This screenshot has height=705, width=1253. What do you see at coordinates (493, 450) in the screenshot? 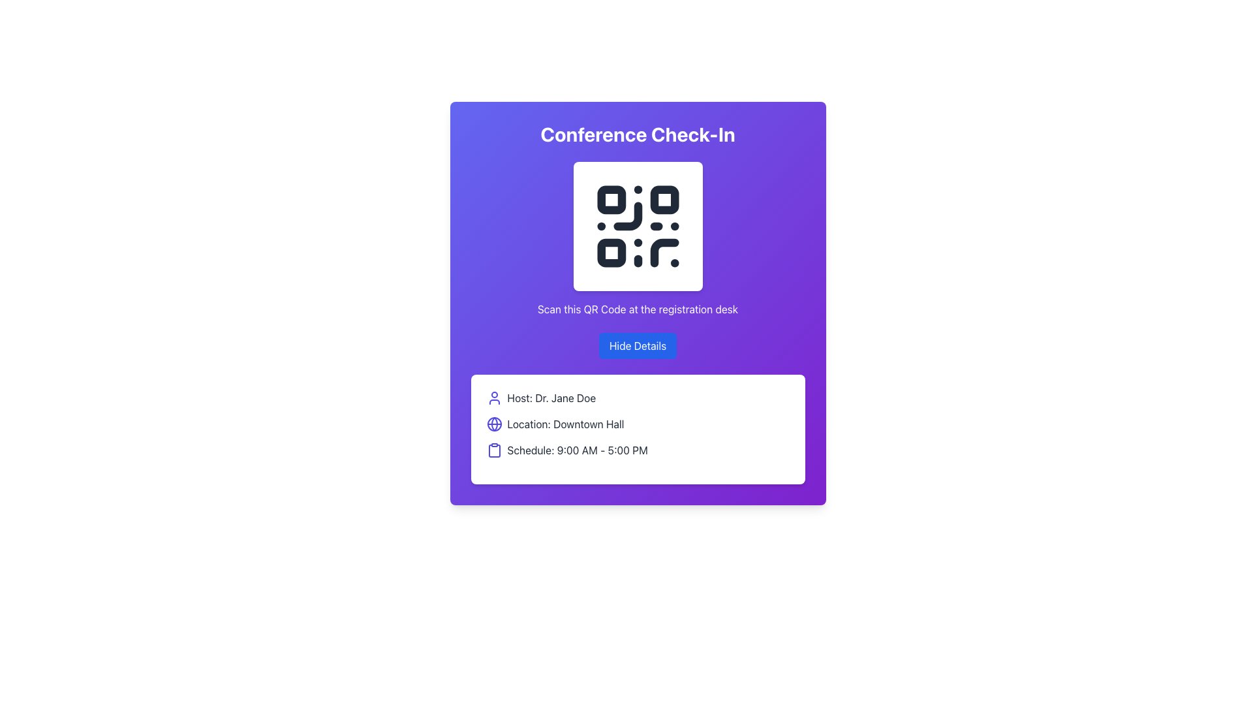
I see `the clipboard icon located in the third row of the lower white card, which is indigo colored and appears before the text 'Schedule: 9:00 AM - 5:00 PM'` at bounding box center [493, 450].